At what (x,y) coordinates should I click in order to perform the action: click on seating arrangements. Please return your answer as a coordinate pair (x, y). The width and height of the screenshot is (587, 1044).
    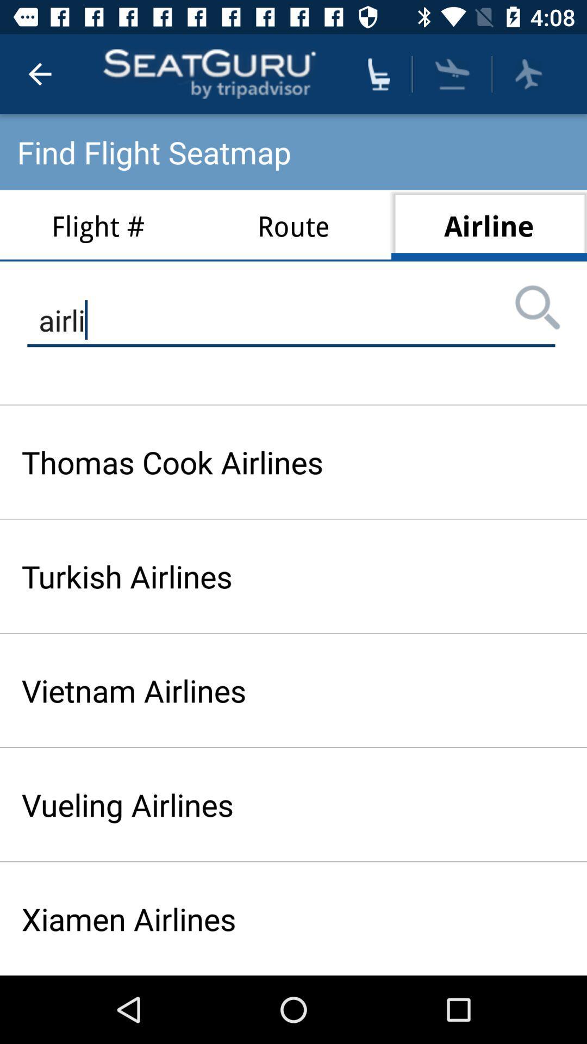
    Looking at the image, I should click on (378, 73).